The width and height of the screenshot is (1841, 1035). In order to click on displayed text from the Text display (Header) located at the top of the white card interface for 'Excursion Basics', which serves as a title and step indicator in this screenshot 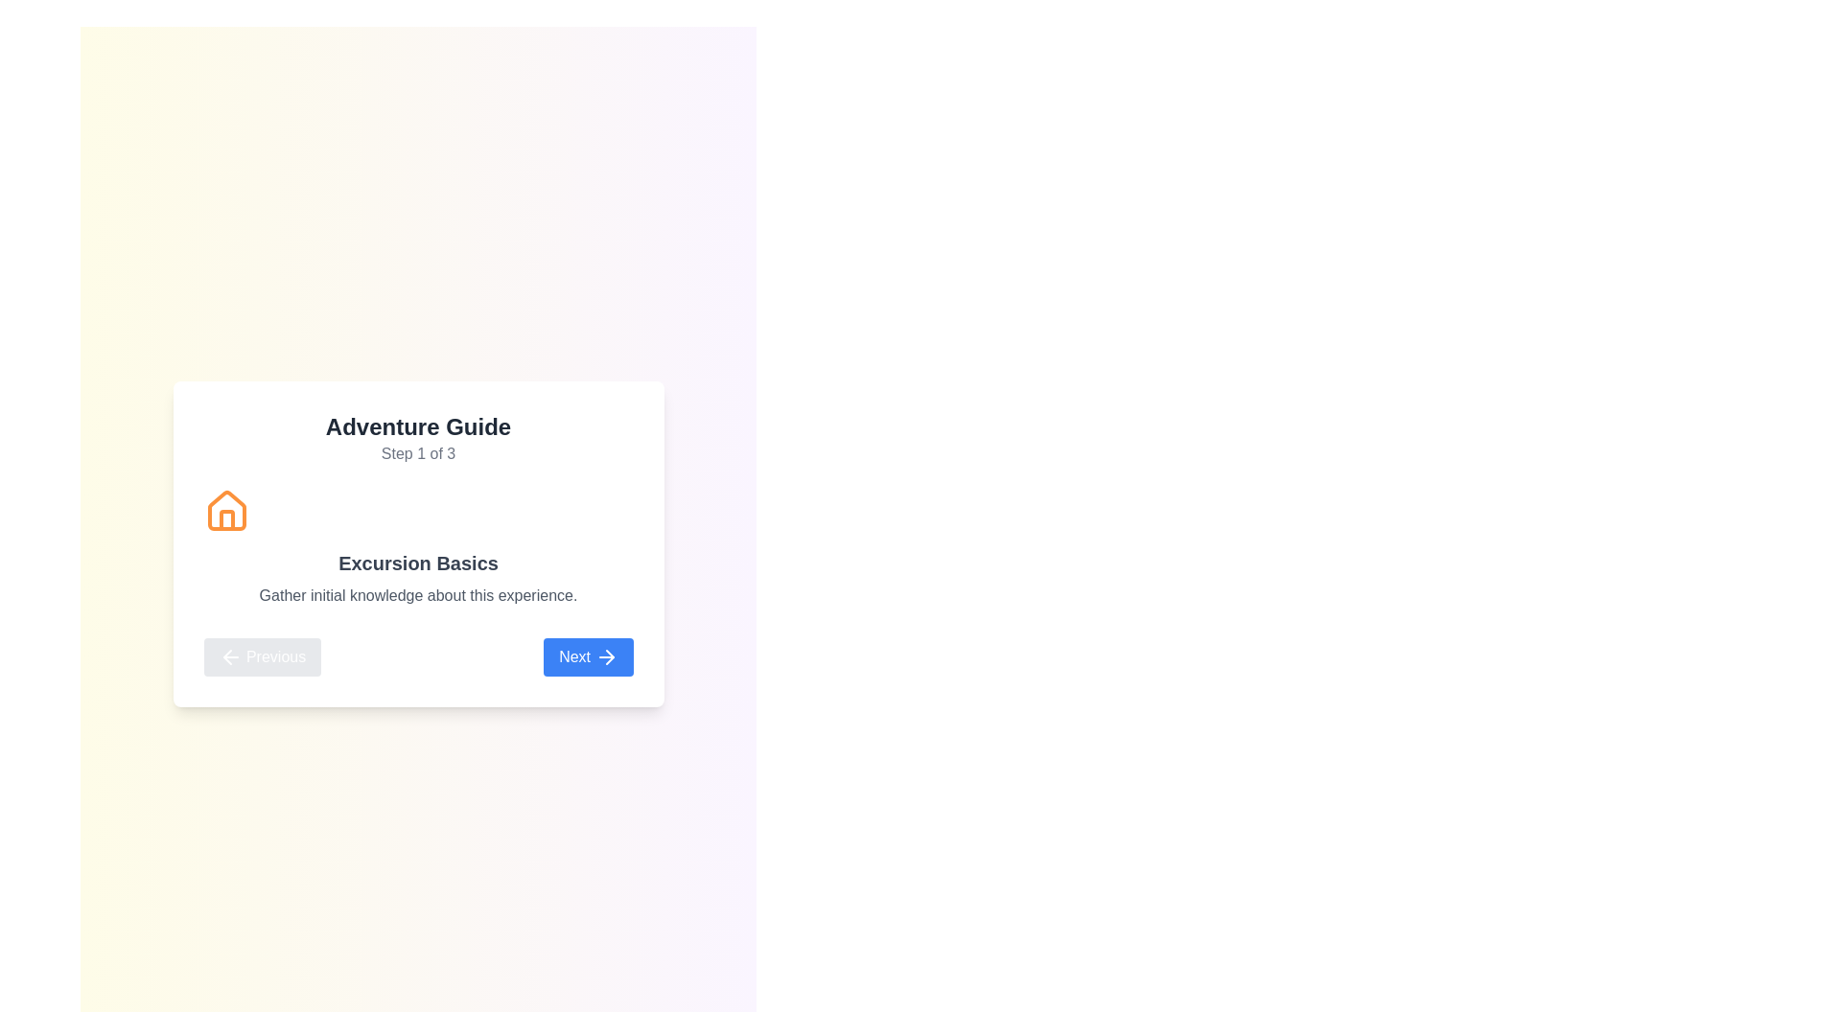, I will do `click(417, 438)`.